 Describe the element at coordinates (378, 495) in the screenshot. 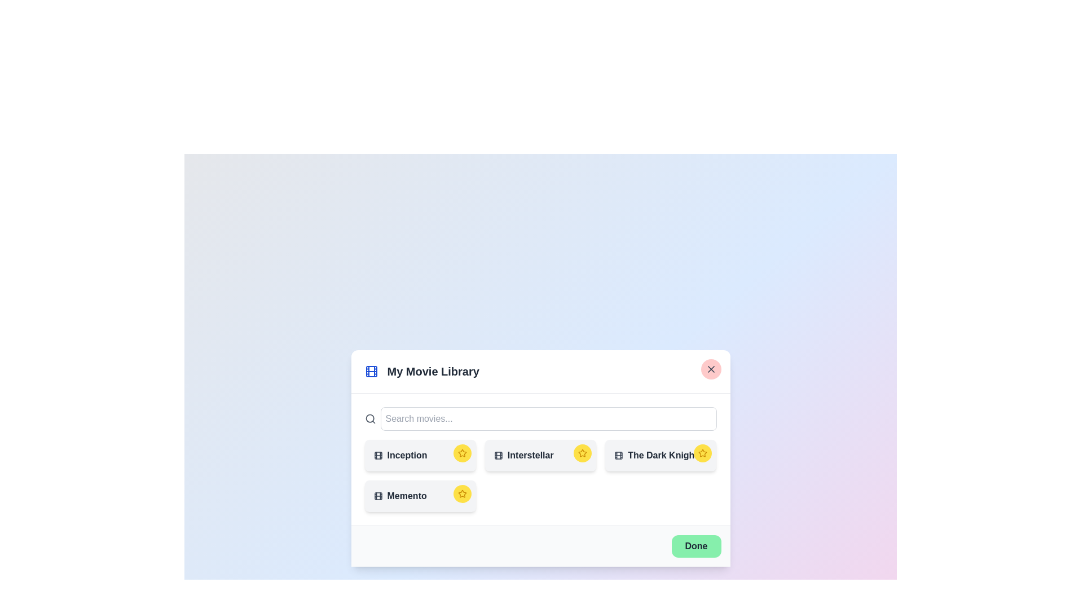

I see `the small film-strip style icon, which is medium gray with rounded corners, positioned to the left of the movie title 'Memento'` at that location.